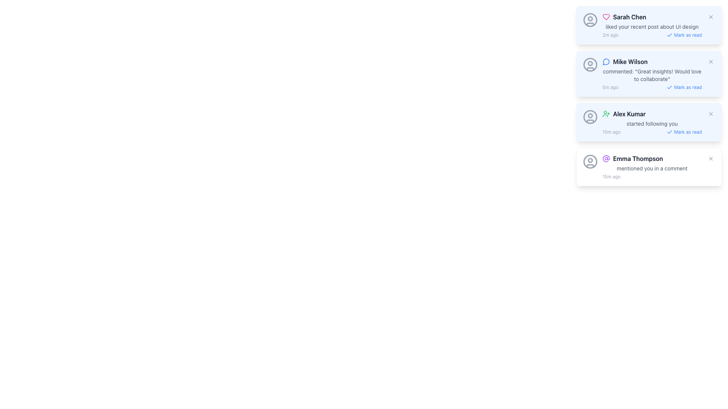 Image resolution: width=728 pixels, height=409 pixels. What do you see at coordinates (637, 158) in the screenshot?
I see `text label displaying the name of the person responsible for the associated notification, located to the right of the '@' icon in the bottommost notification card` at bounding box center [637, 158].